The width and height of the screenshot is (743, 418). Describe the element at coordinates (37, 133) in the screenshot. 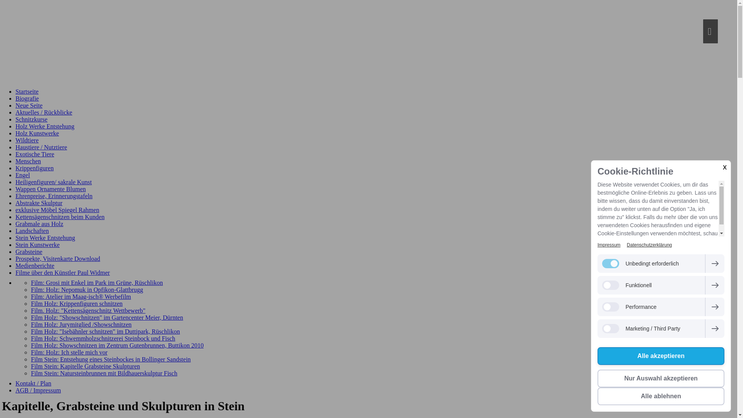

I see `'Holz Kunstwerke'` at that location.